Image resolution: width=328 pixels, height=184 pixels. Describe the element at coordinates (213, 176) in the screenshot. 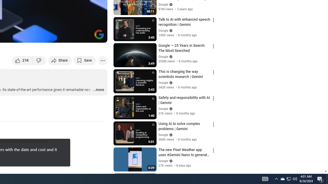

I see `'Action menu'` at that location.